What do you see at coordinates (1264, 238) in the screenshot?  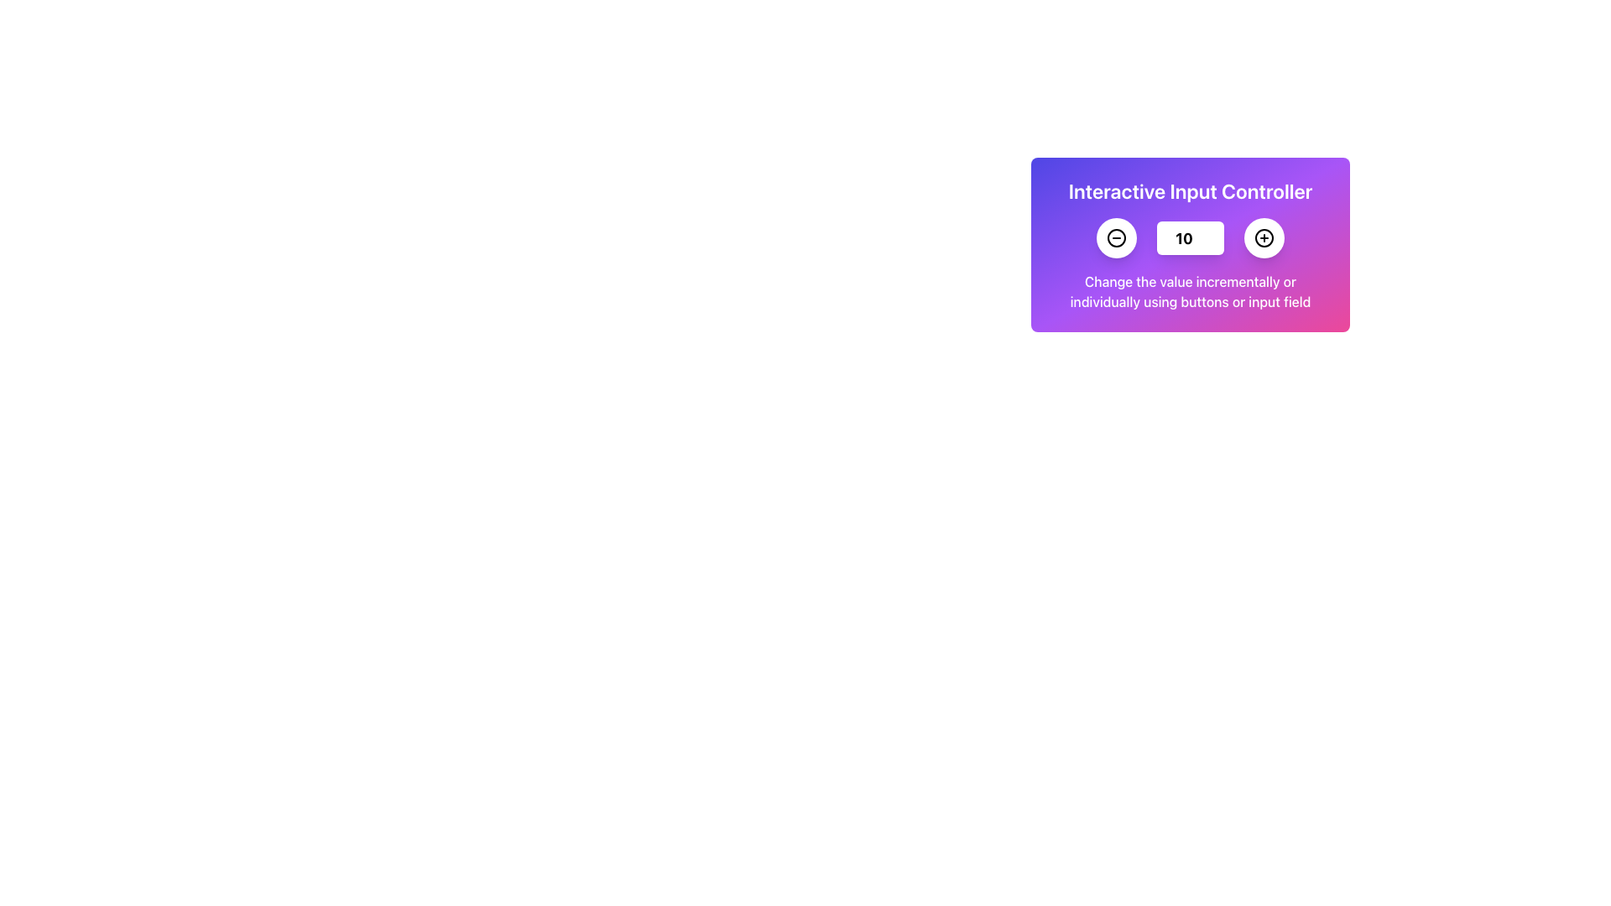 I see `the non-interactive decorative SVG circle that is part of the increment button icon, located to the right of the number field` at bounding box center [1264, 238].